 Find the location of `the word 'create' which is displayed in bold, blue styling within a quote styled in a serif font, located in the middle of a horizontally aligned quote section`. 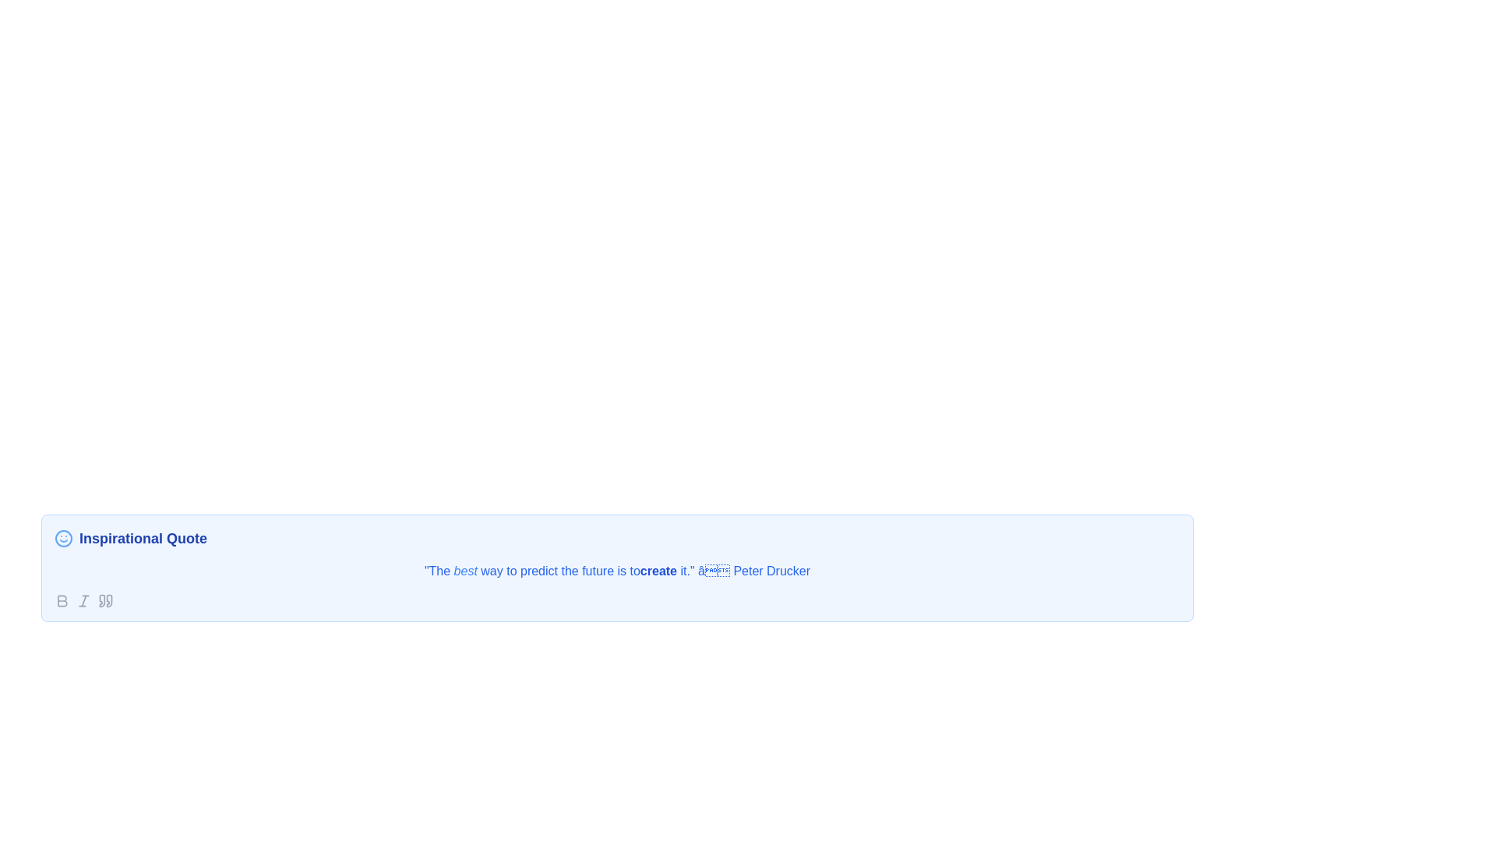

the word 'create' which is displayed in bold, blue styling within a quote styled in a serif font, located in the middle of a horizontally aligned quote section is located at coordinates (658, 571).